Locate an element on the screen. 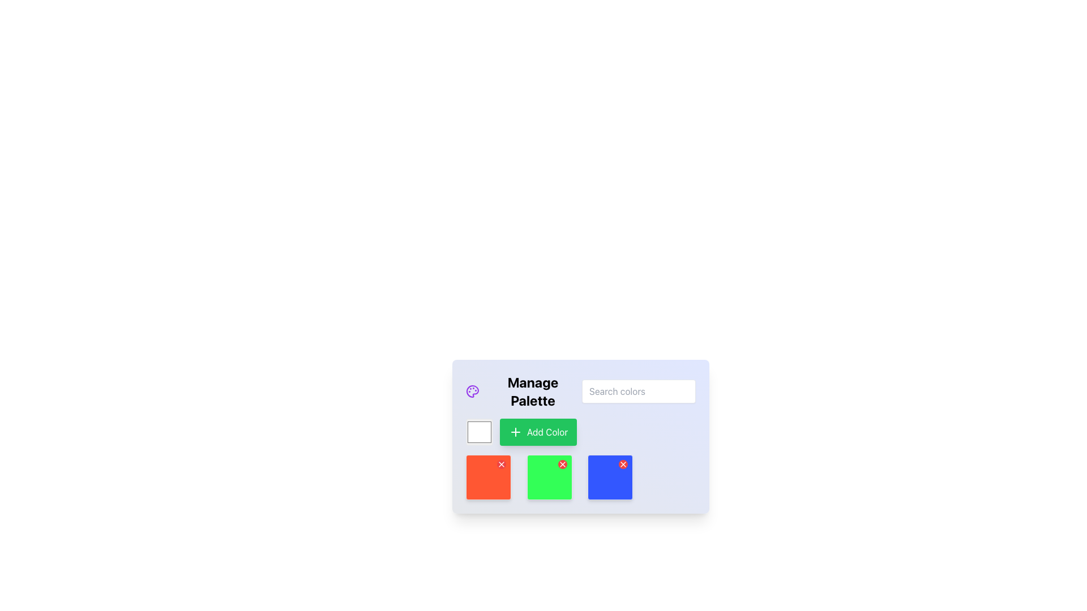 This screenshot has width=1087, height=611. the color tile in the bottom-left corner of the palette manager interface is located at coordinates (489, 477).